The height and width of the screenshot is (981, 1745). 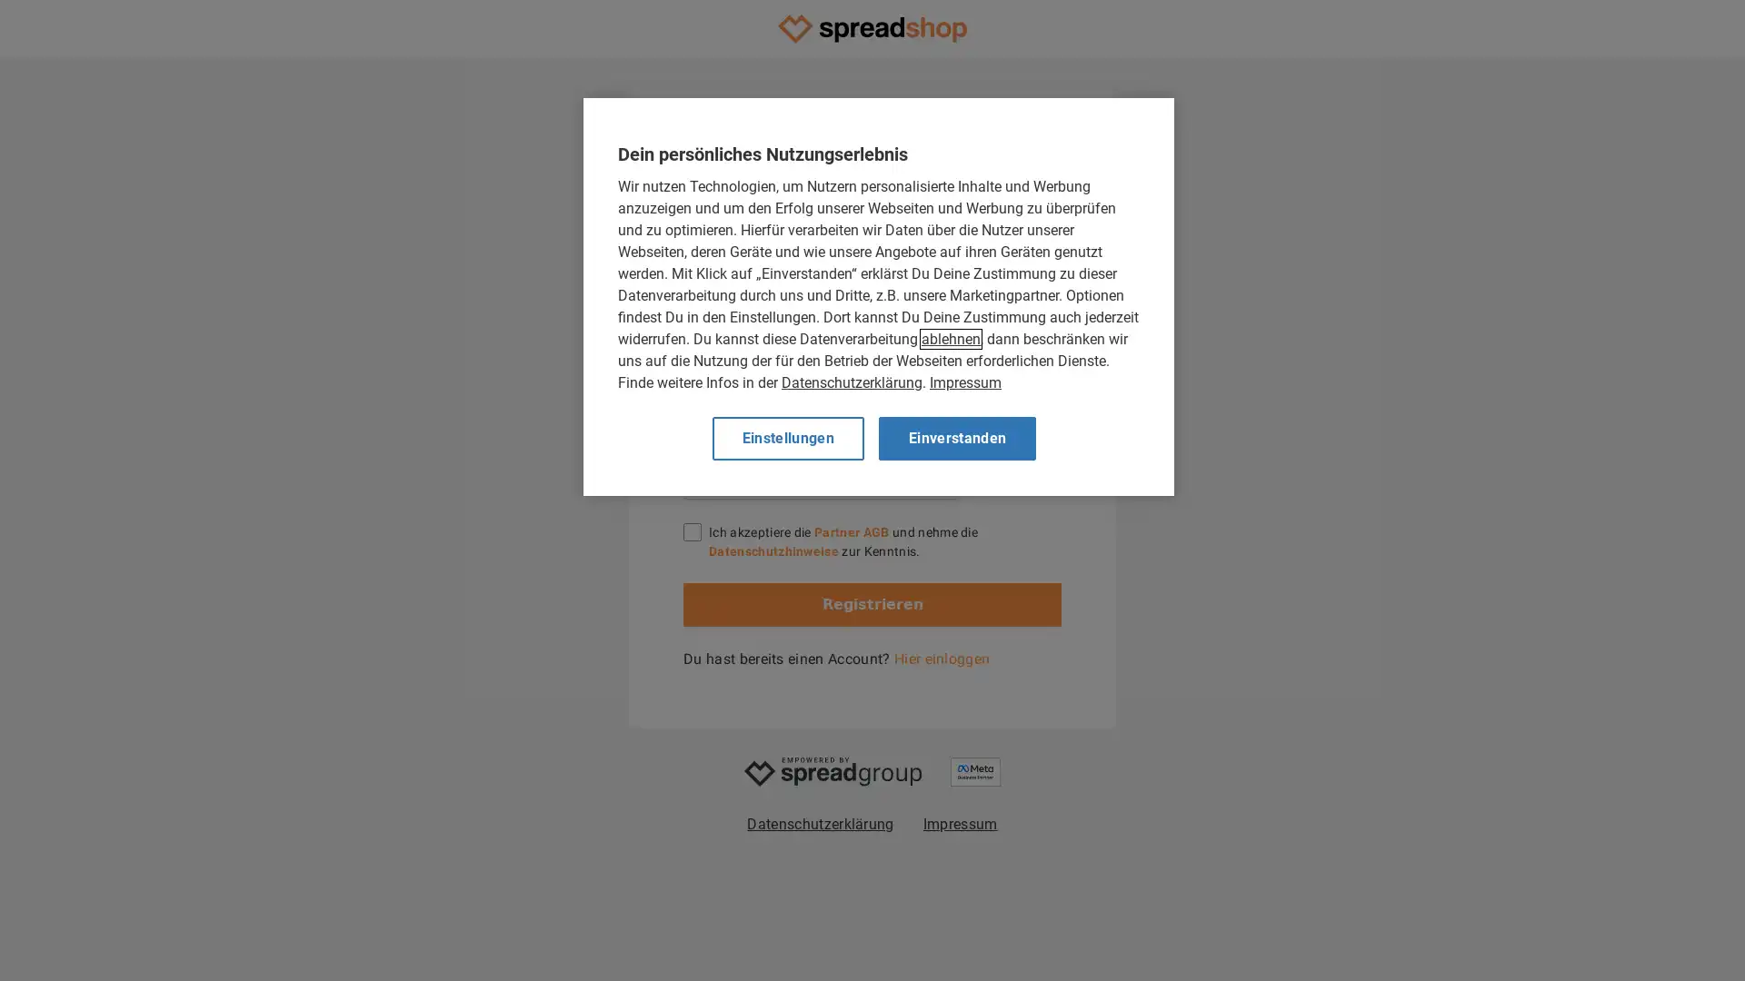 What do you see at coordinates (956, 438) in the screenshot?
I see `Einverstanden` at bounding box center [956, 438].